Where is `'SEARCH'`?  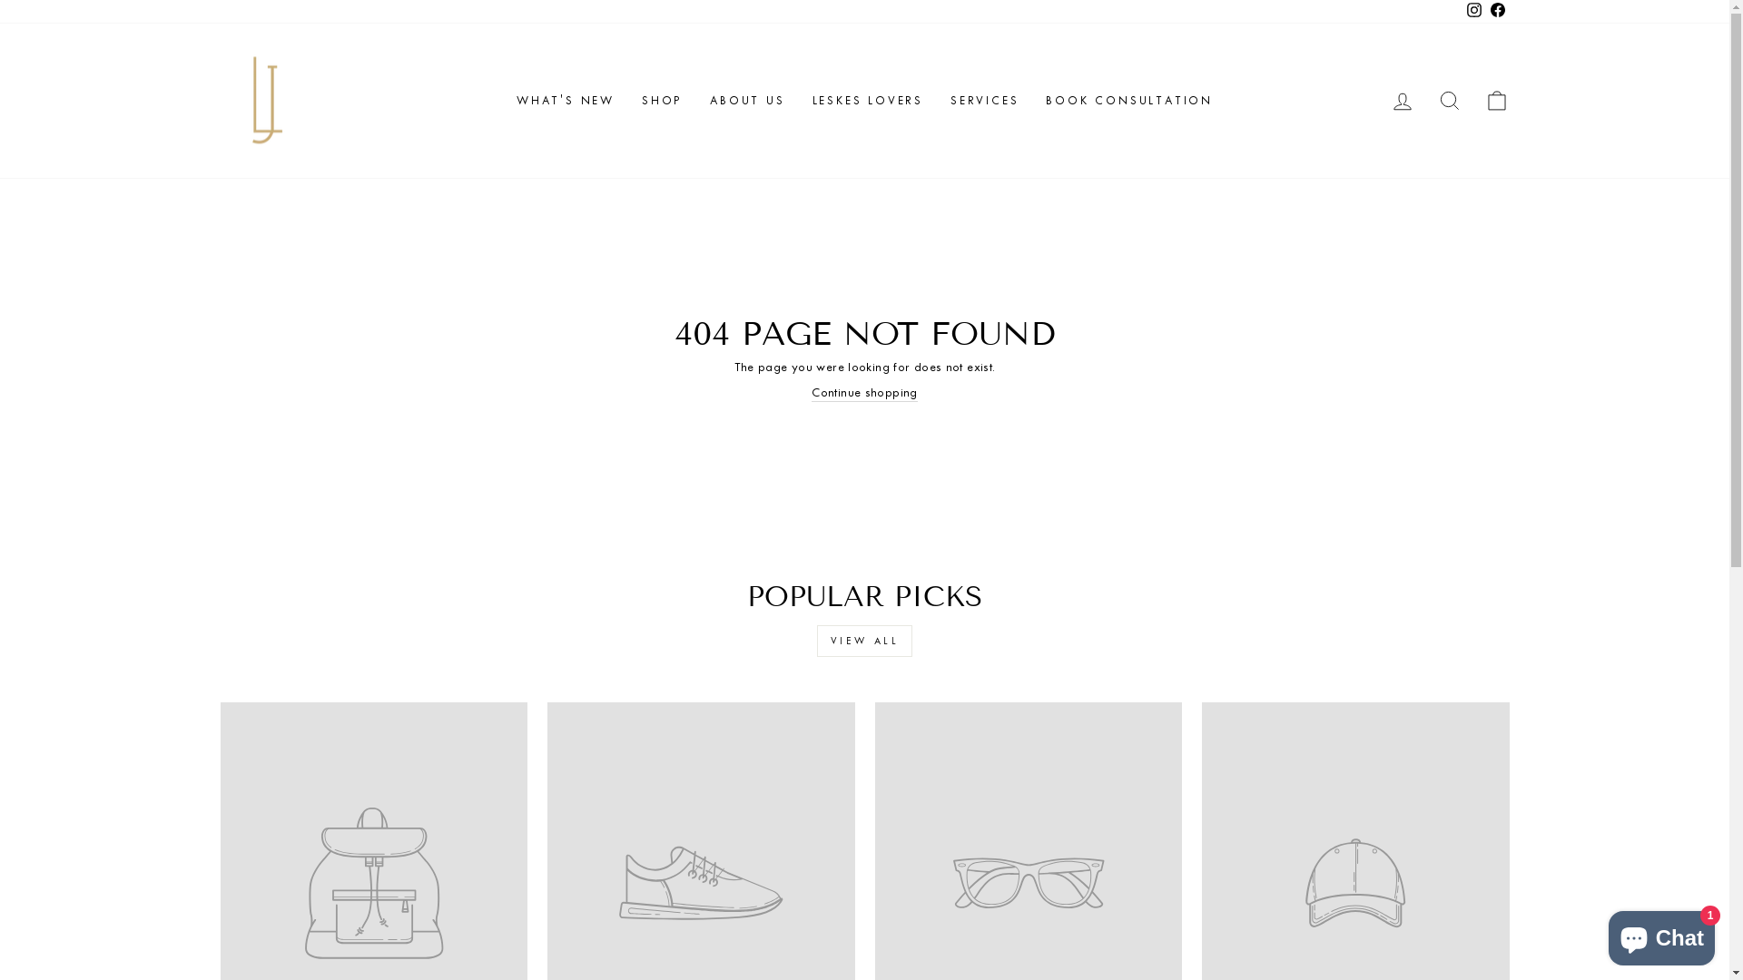 'SEARCH' is located at coordinates (1423, 101).